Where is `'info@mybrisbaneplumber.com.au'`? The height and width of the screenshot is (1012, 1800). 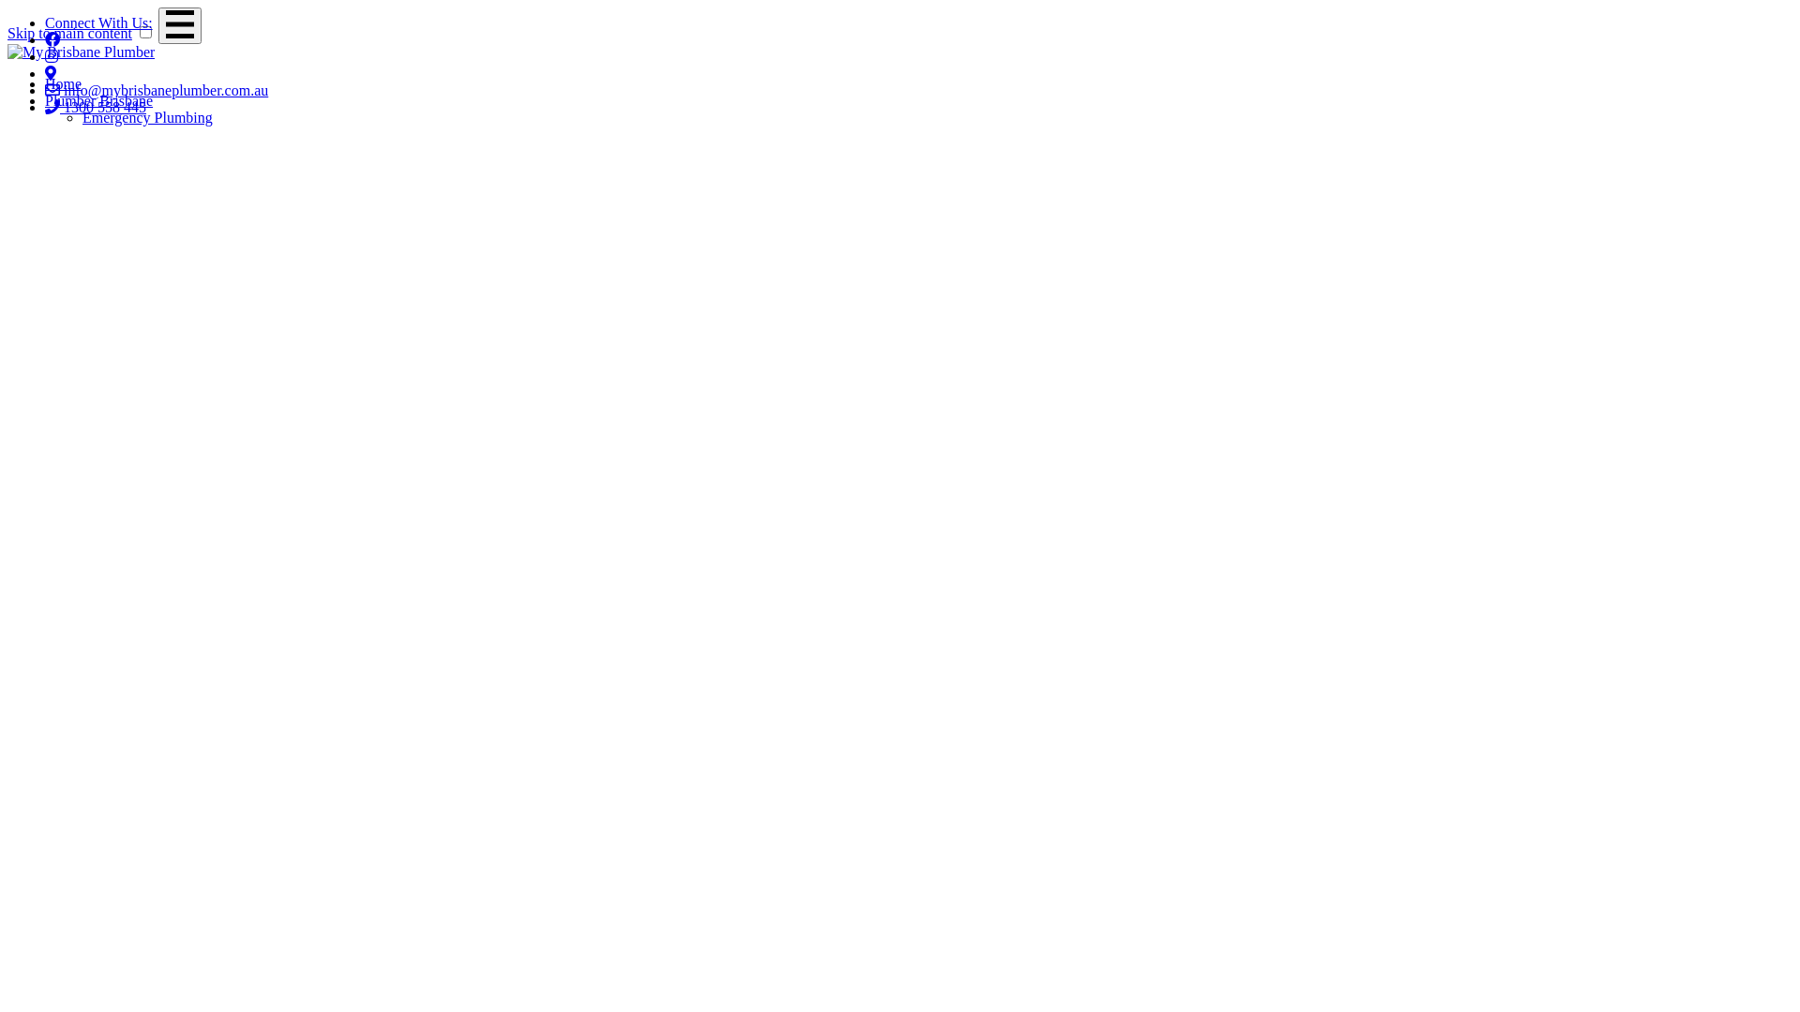
'info@mybrisbaneplumber.com.au' is located at coordinates (45, 90).